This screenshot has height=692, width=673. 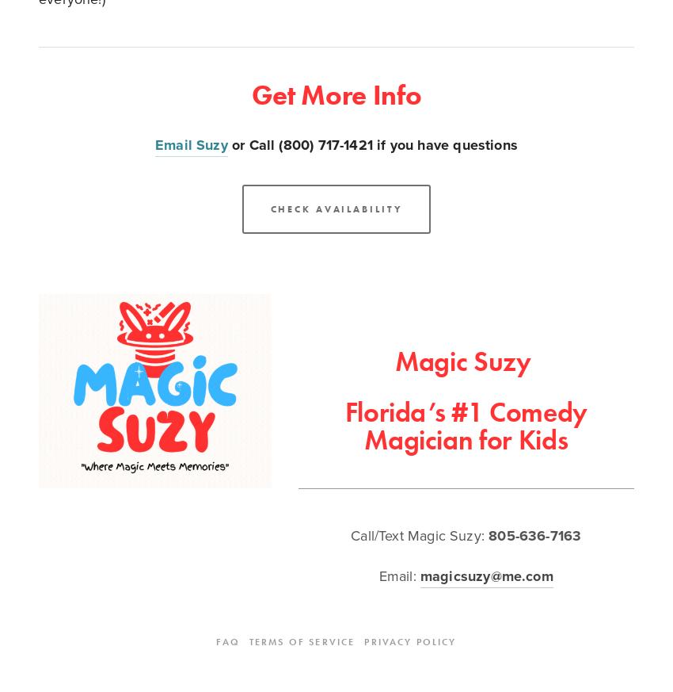 I want to click on 'Get More Info', so click(x=336, y=94).